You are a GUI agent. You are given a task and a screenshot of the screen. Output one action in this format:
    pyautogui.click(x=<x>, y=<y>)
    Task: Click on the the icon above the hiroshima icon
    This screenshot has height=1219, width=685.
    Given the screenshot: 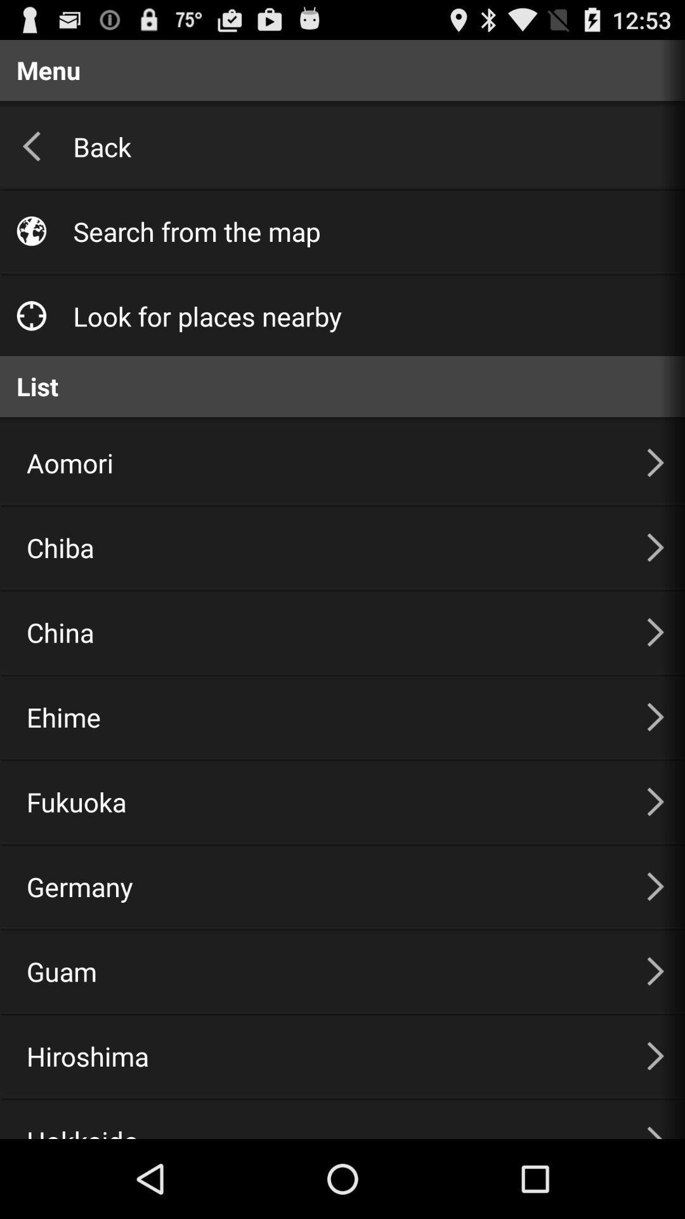 What is the action you would take?
    pyautogui.click(x=320, y=971)
    